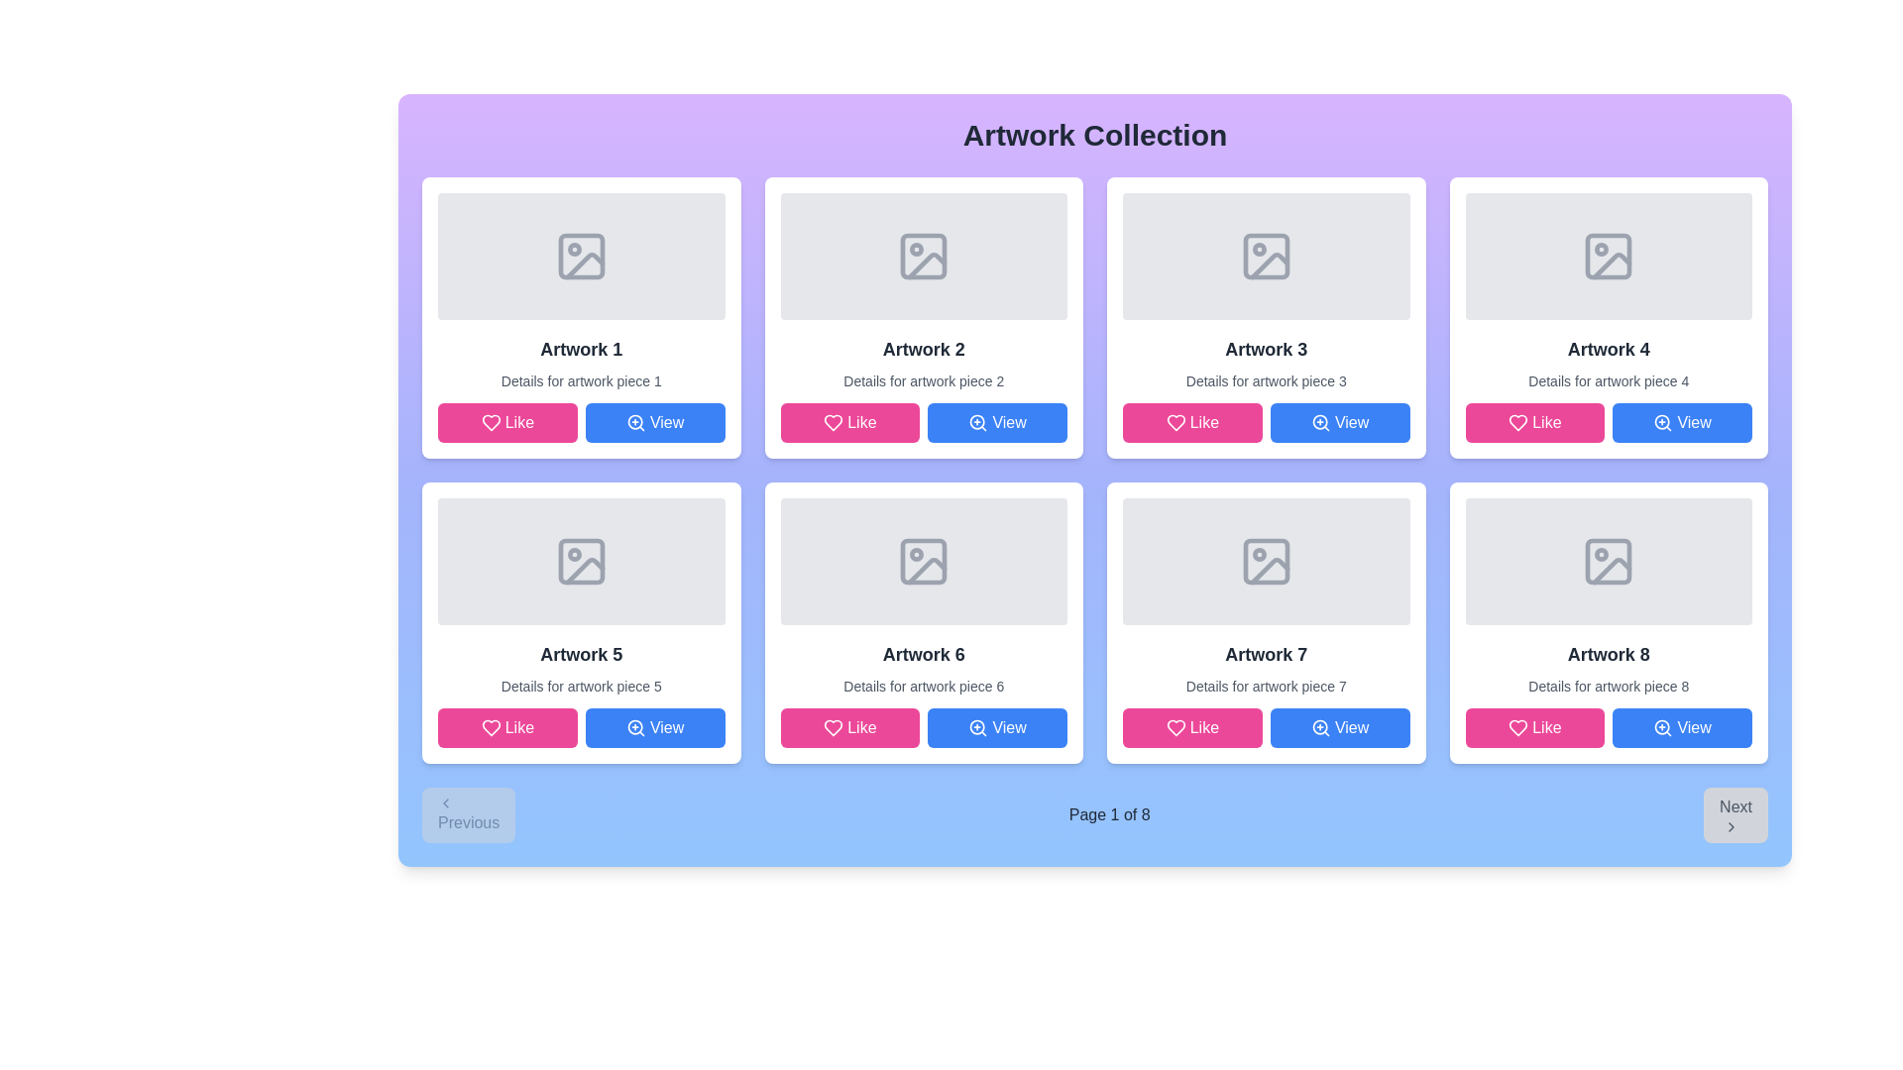  Describe the element at coordinates (1609, 562) in the screenshot. I see `the image placeholder icon located in the 'Artwork 8' card at the bottom-right corner of the grid layout` at that location.